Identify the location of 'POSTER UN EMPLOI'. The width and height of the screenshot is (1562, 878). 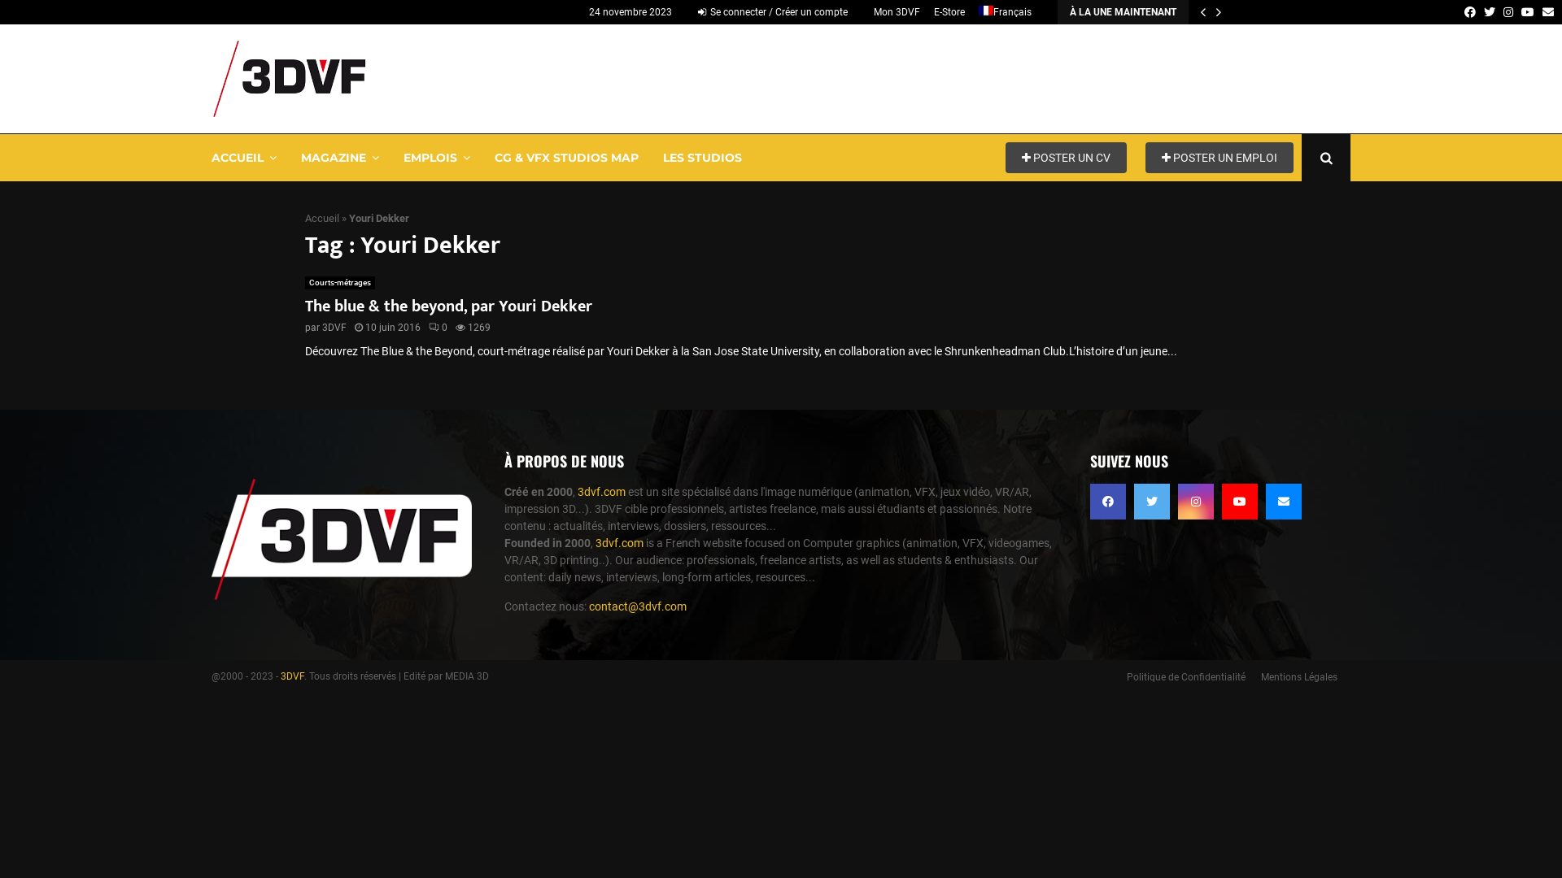
(1144, 156).